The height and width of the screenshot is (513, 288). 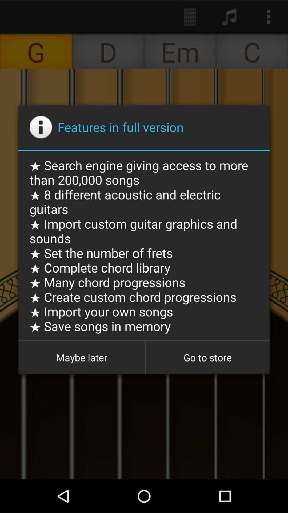 What do you see at coordinates (207, 357) in the screenshot?
I see `the app below the search engine giving icon` at bounding box center [207, 357].